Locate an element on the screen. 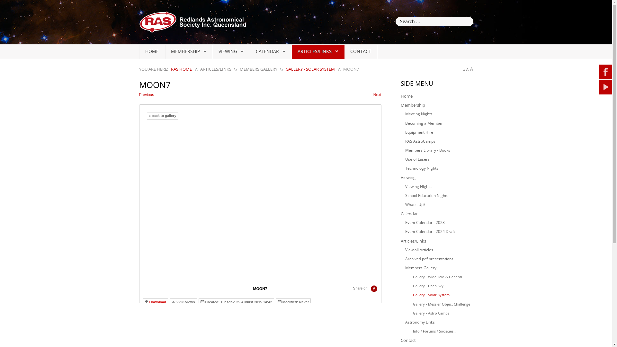 The height and width of the screenshot is (347, 617). 'A' is located at coordinates (464, 70).